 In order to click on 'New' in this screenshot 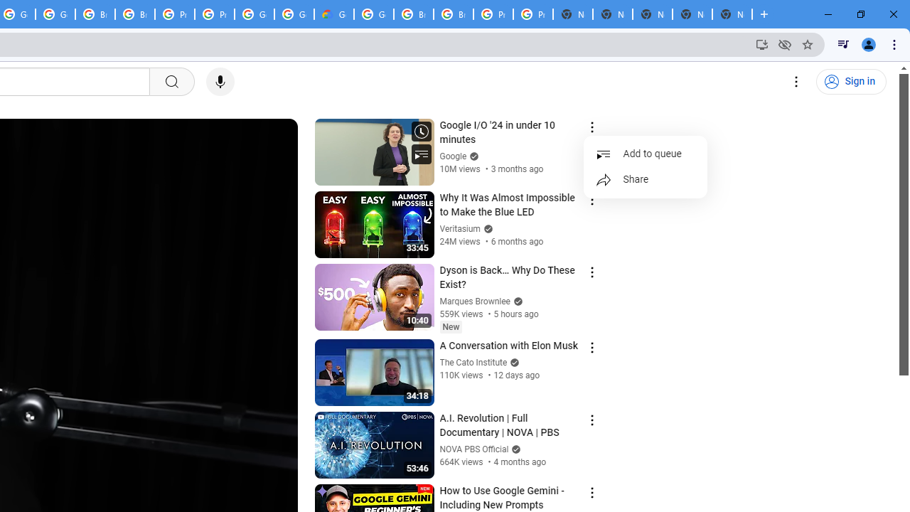, I will do `click(450, 326)`.